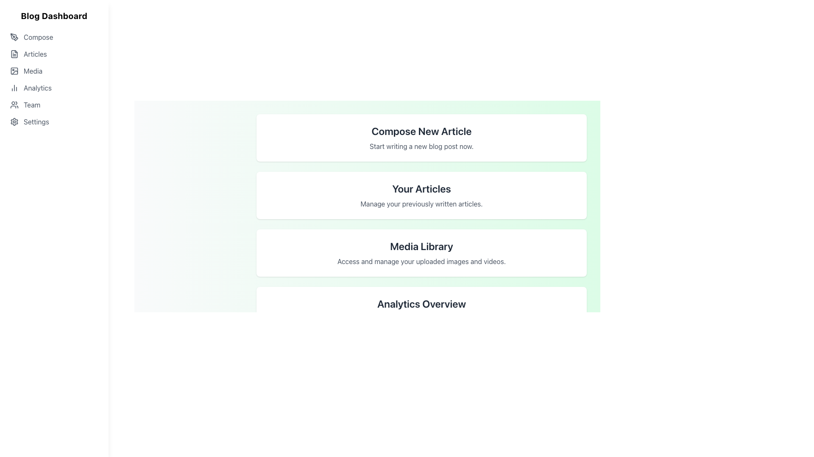  Describe the element at coordinates (421, 261) in the screenshot. I see `the static text description providing a brief explanation of the 'Media Library' section, located directly beneath the heading 'Media Library' in the third section of a vertically stacked layout` at that location.